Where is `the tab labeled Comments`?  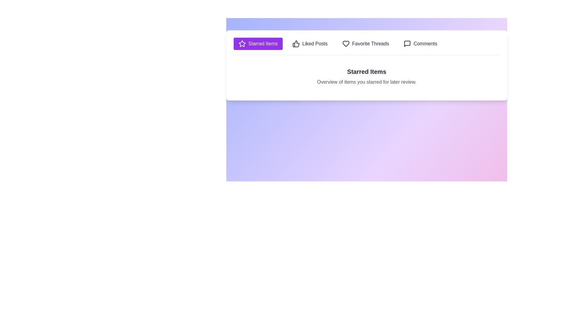 the tab labeled Comments is located at coordinates (420, 43).